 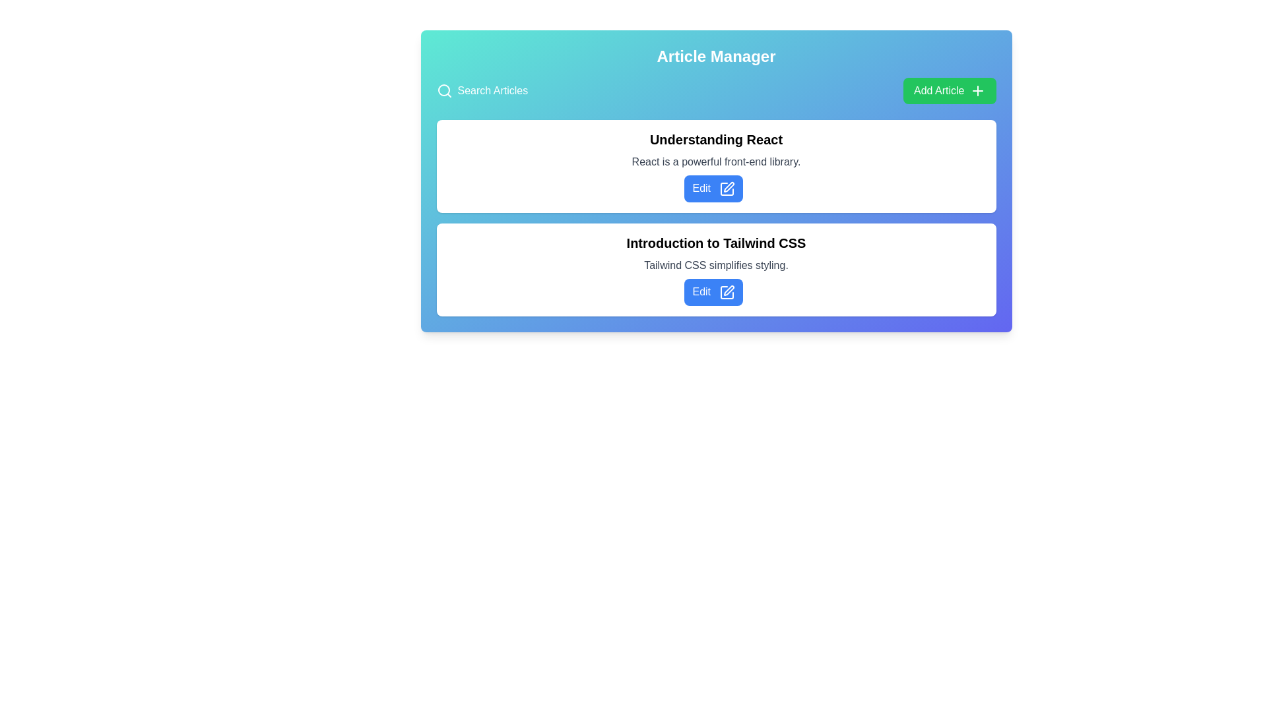 What do you see at coordinates (715, 243) in the screenshot?
I see `the Label element that introduces the content or section focusing on Tailwind CSS, positioned above the descriptive subtext and the 'Edit' button` at bounding box center [715, 243].